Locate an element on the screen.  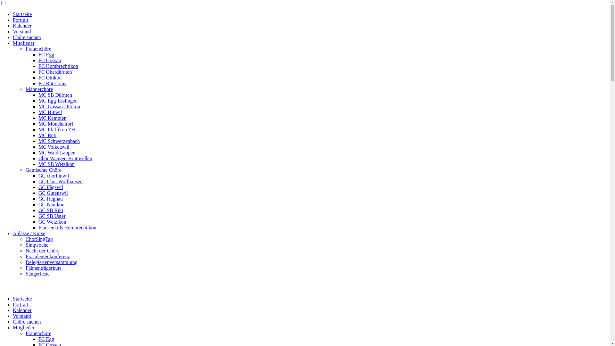
'GC Gutenswil' is located at coordinates (53, 193).